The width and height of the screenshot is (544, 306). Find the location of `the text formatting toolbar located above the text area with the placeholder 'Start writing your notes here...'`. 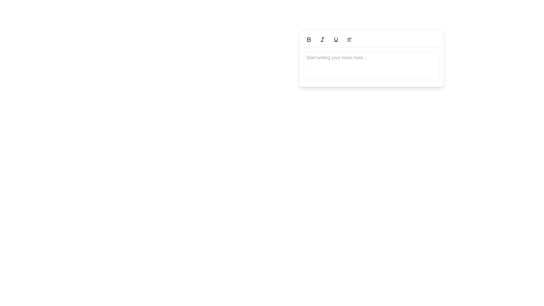

the text formatting toolbar located above the text area with the placeholder 'Start writing your notes here...' is located at coordinates (371, 41).